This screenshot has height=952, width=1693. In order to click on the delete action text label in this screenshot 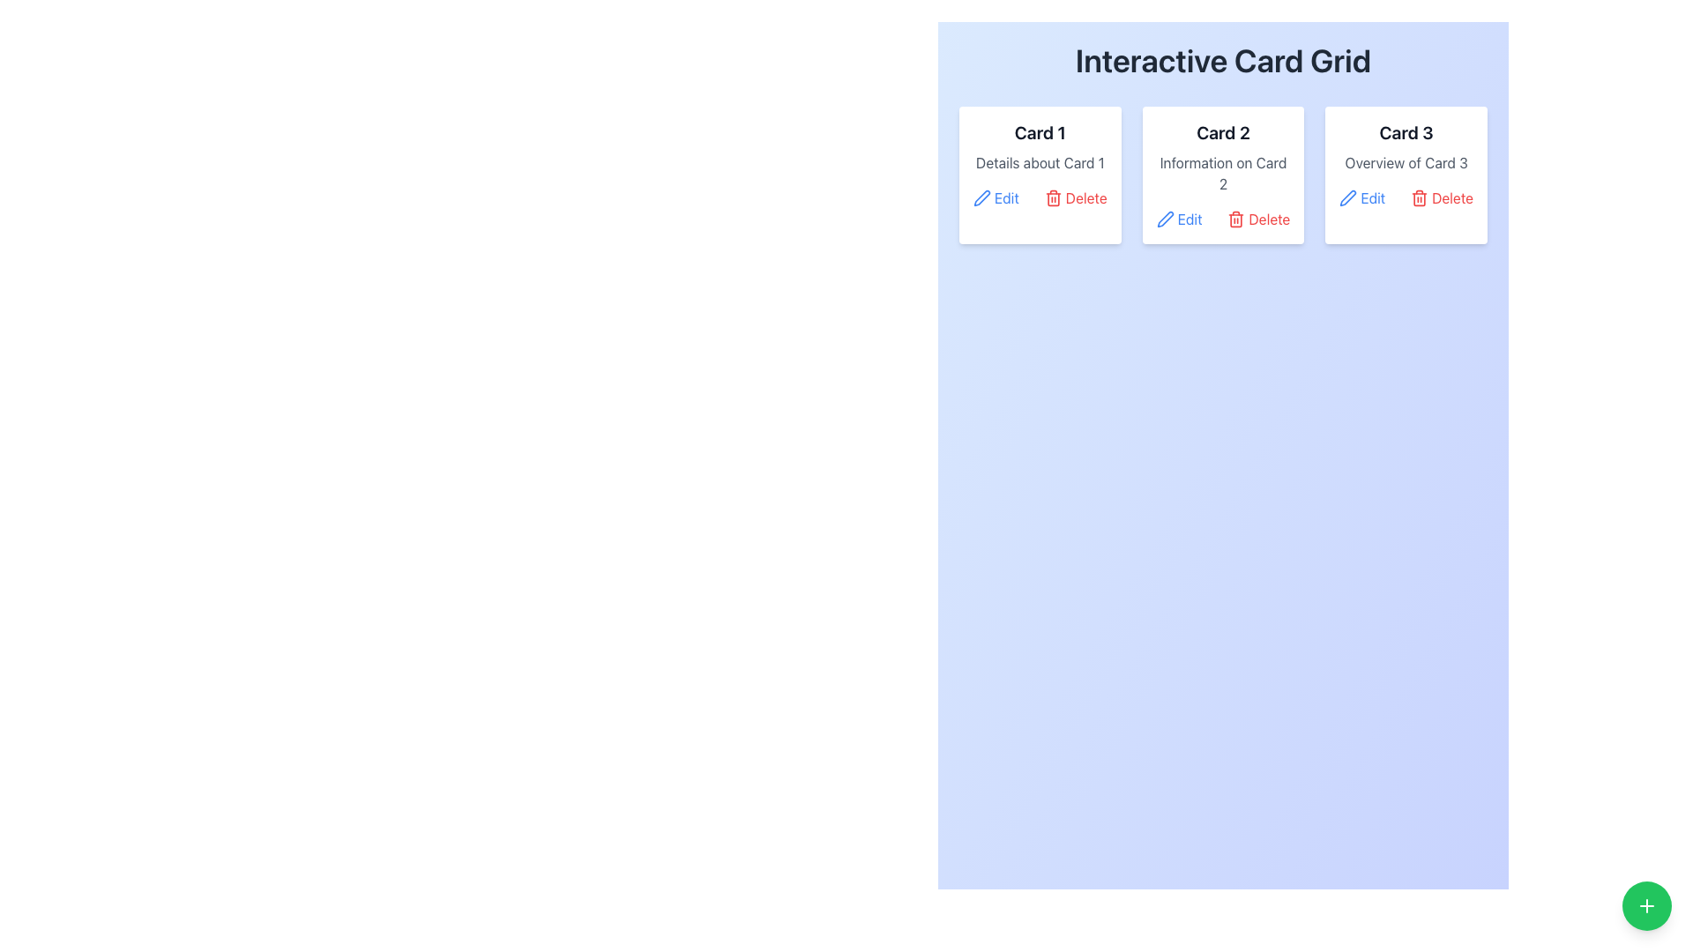, I will do `click(1268, 219)`.